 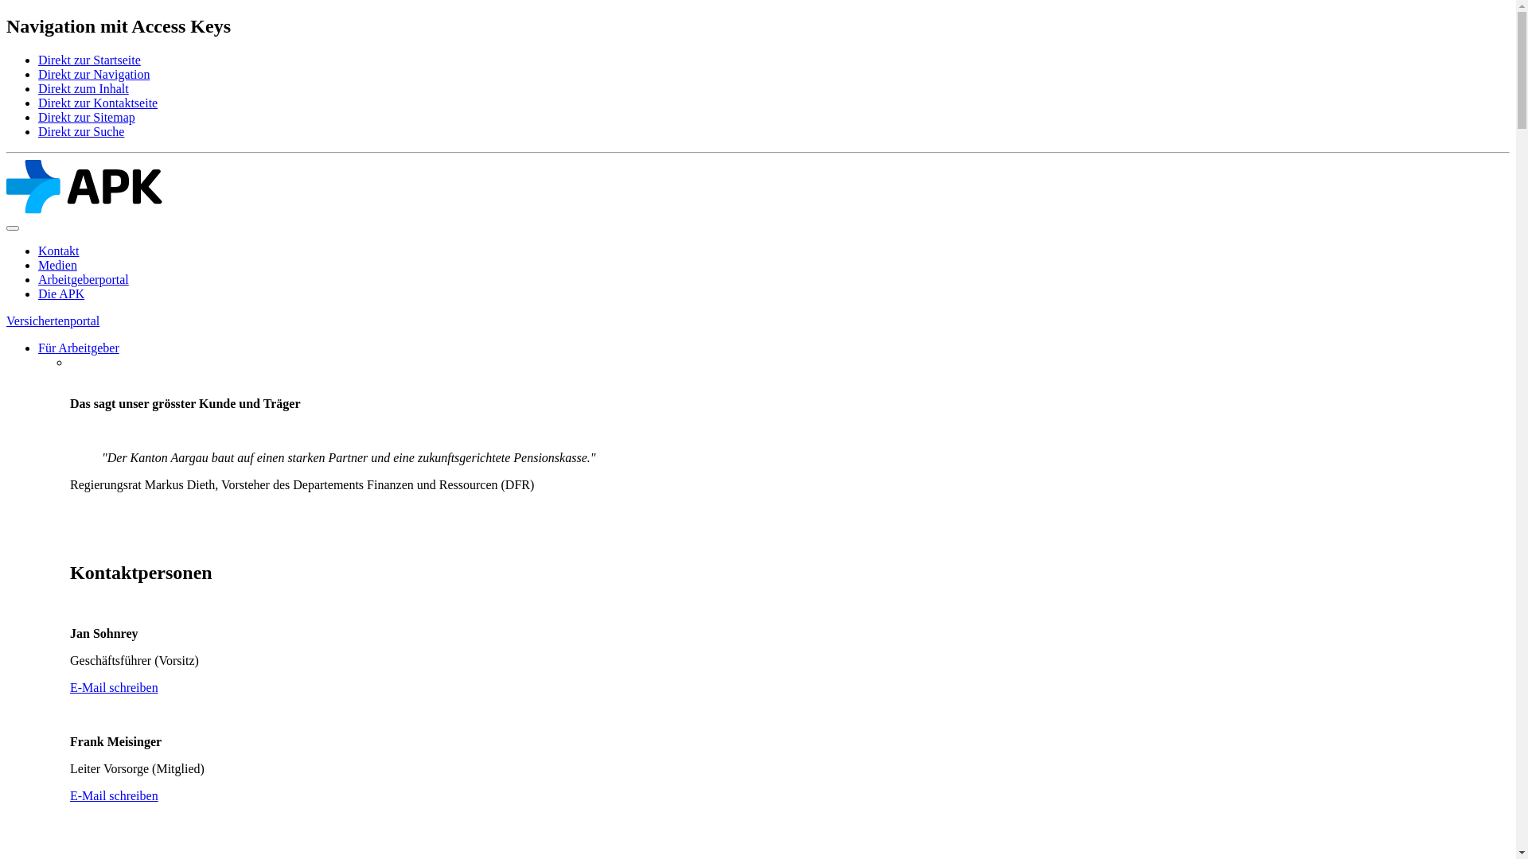 What do you see at coordinates (38, 88) in the screenshot?
I see `'Direkt zum Inhalt'` at bounding box center [38, 88].